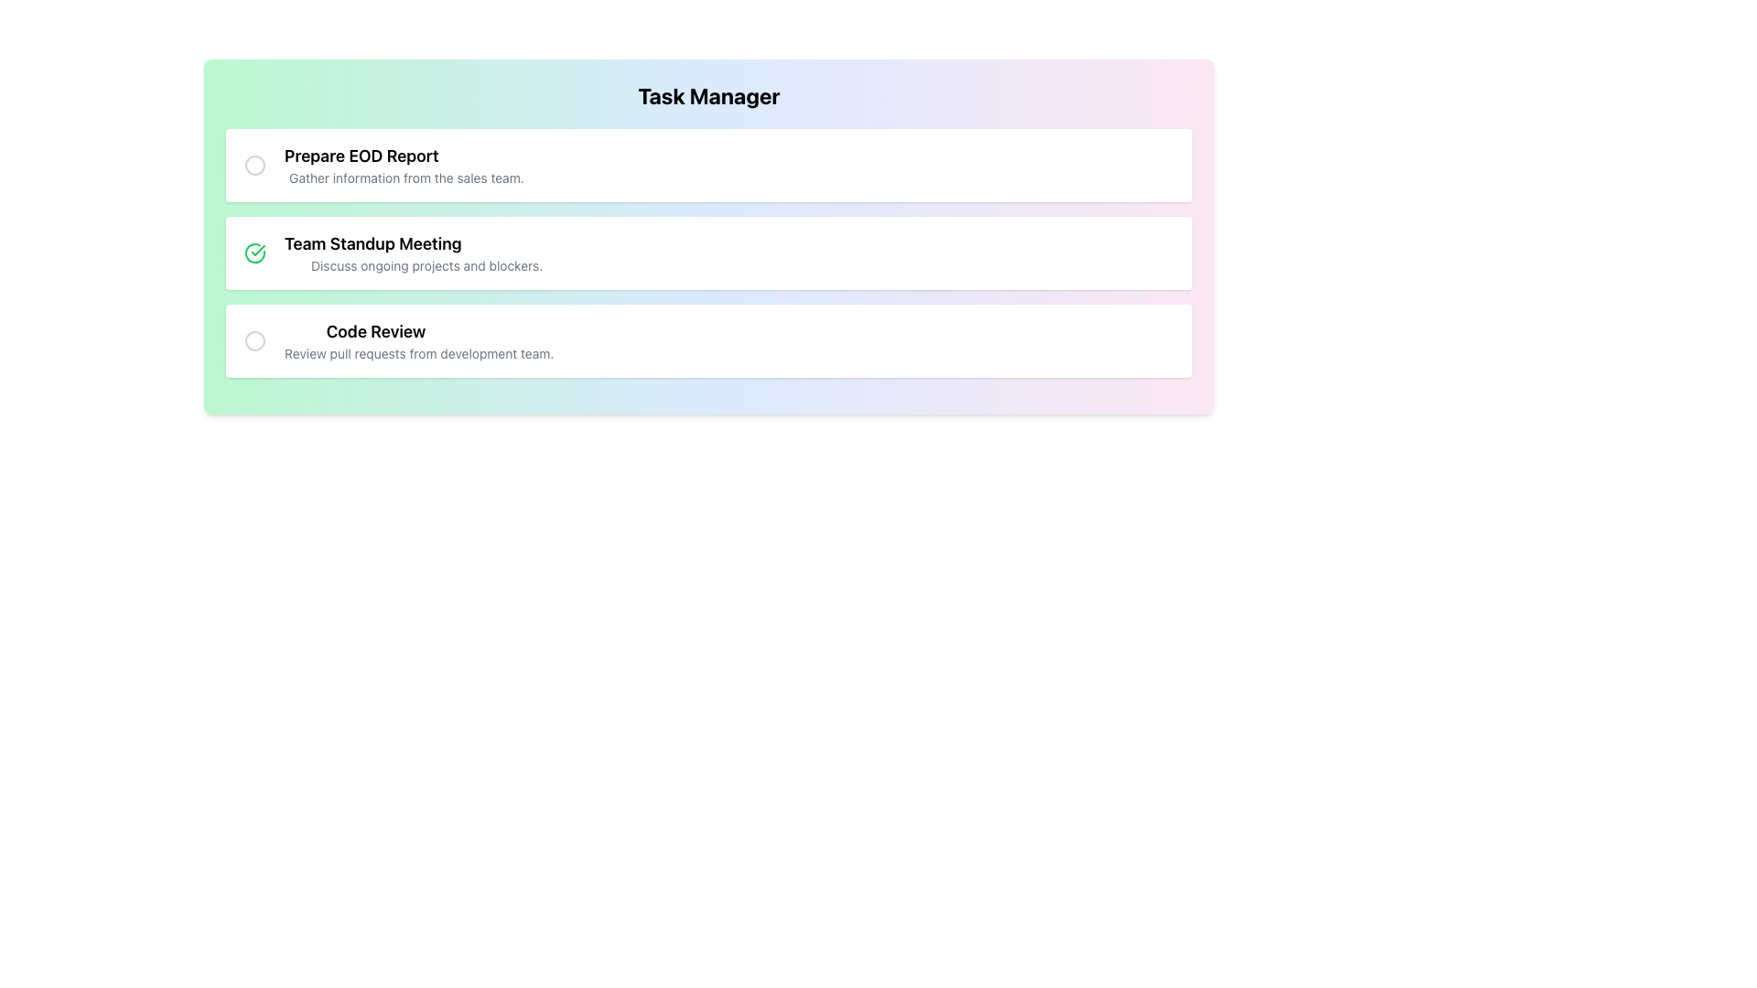 The width and height of the screenshot is (1757, 988). Describe the element at coordinates (253, 341) in the screenshot. I see `the circular selectable icon located to the left of the 'Code Review' item in the task list` at that location.